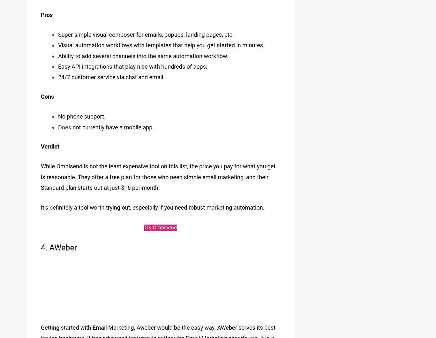  What do you see at coordinates (132, 64) in the screenshot?
I see `'Easy API integrations that play nice with hundreds of apps.'` at bounding box center [132, 64].